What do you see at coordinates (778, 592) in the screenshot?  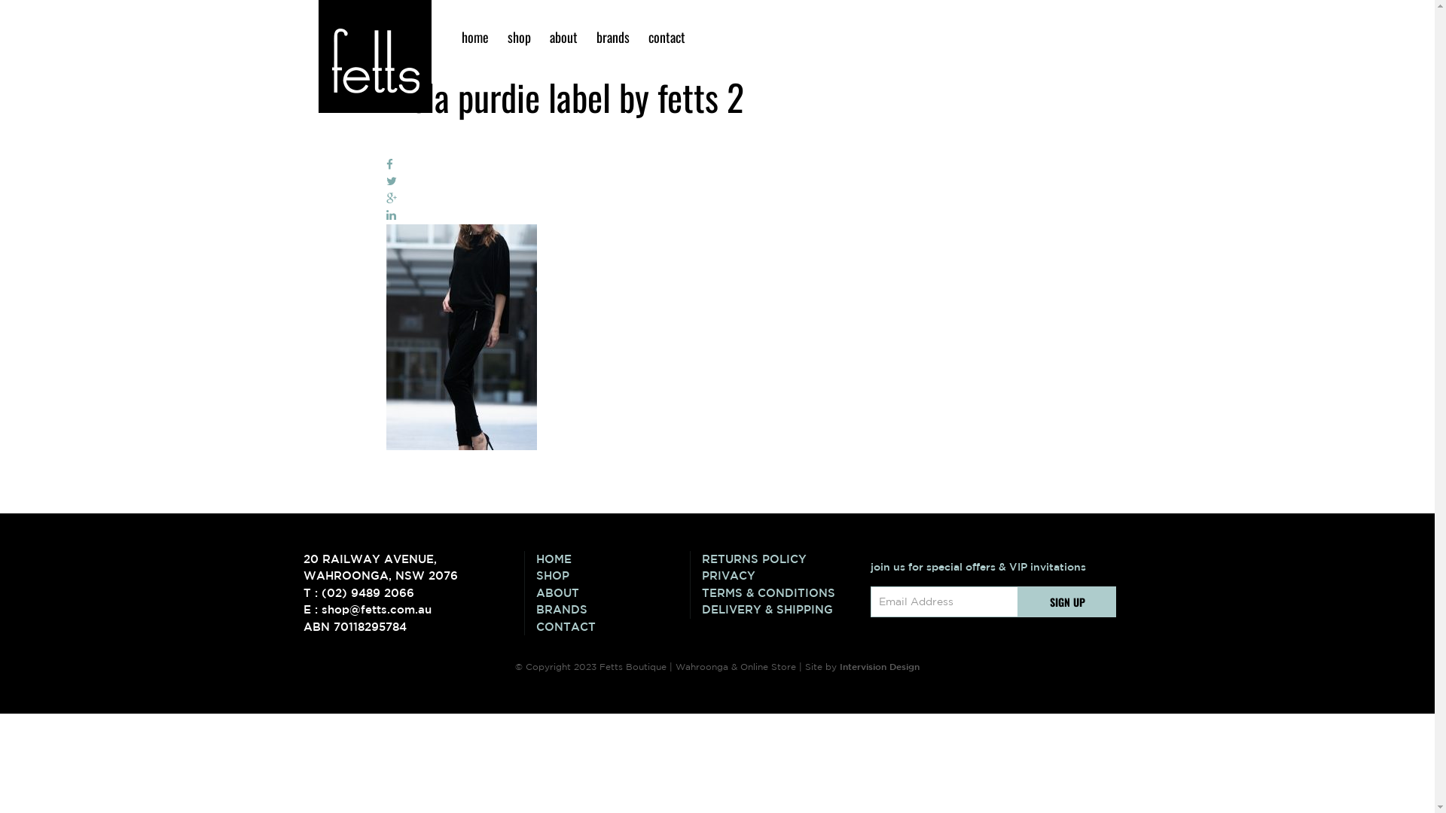 I see `'TERMS & CONDITIONS'` at bounding box center [778, 592].